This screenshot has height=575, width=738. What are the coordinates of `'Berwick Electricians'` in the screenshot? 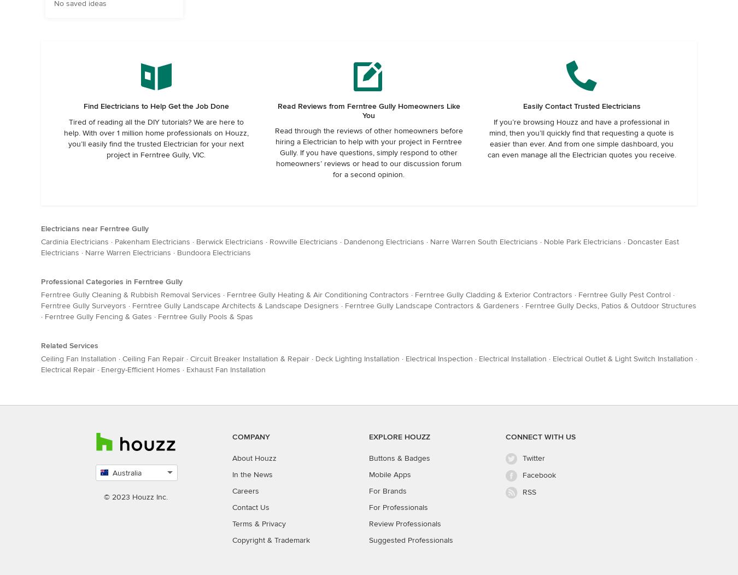 It's located at (230, 242).